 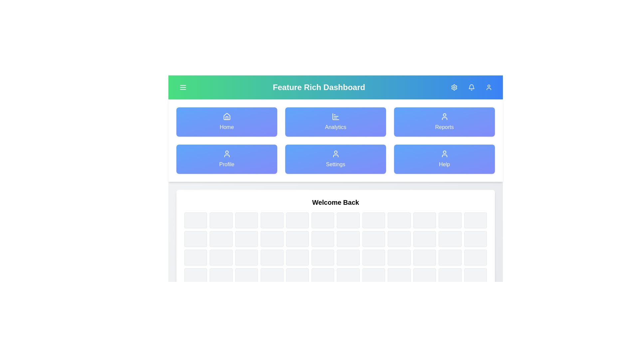 What do you see at coordinates (471, 87) in the screenshot?
I see `'Notifications' button in the app bar` at bounding box center [471, 87].